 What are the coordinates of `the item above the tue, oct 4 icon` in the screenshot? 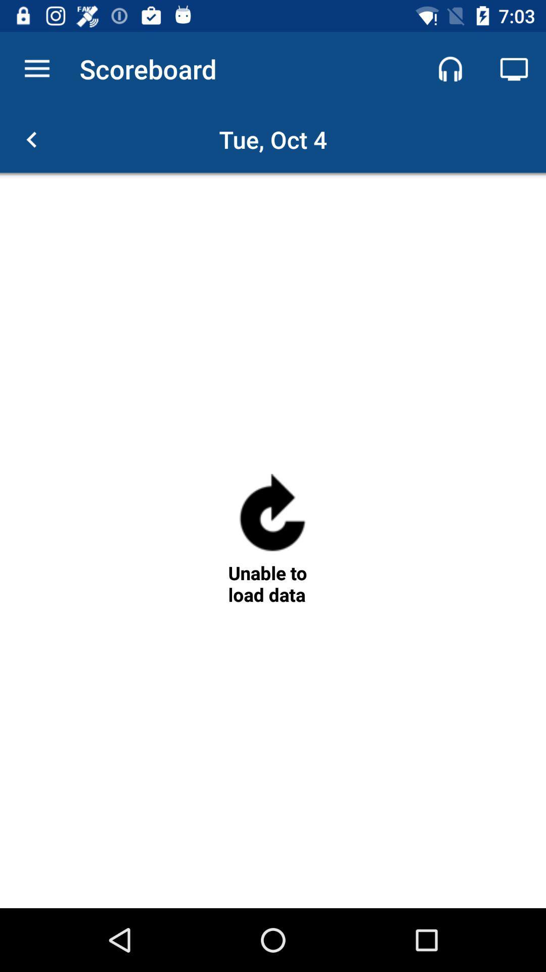 It's located at (514, 68).